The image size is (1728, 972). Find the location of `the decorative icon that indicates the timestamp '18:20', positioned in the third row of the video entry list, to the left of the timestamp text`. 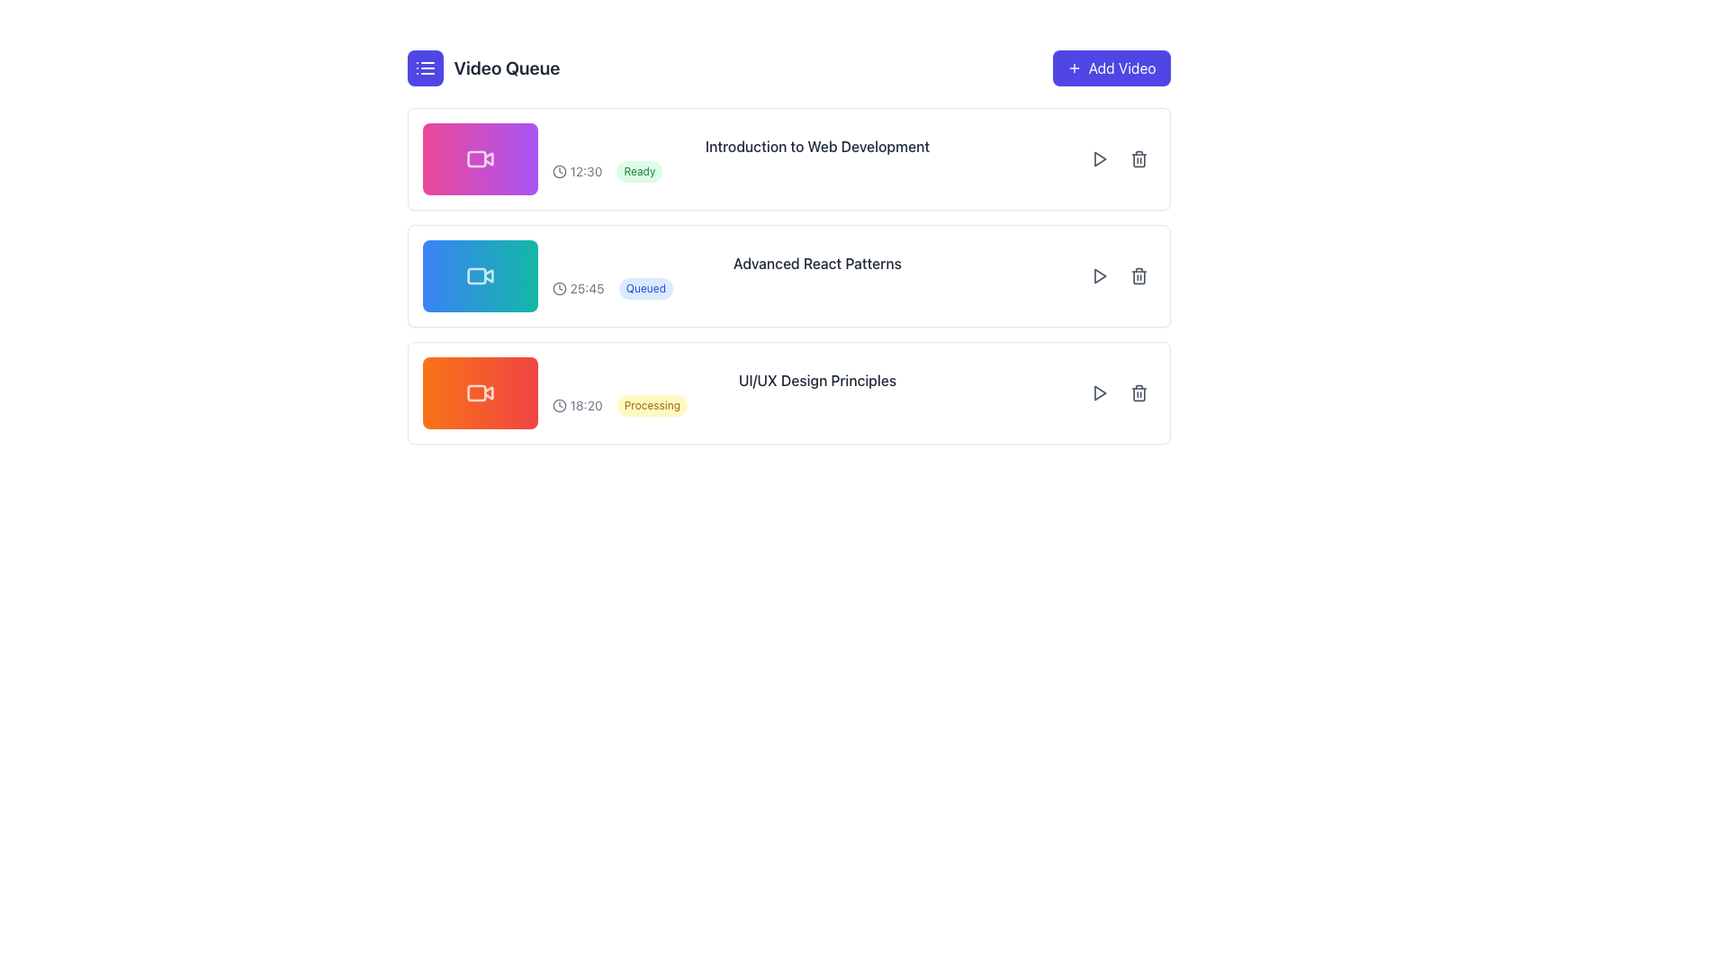

the decorative icon that indicates the timestamp '18:20', positioned in the third row of the video entry list, to the left of the timestamp text is located at coordinates (558, 406).